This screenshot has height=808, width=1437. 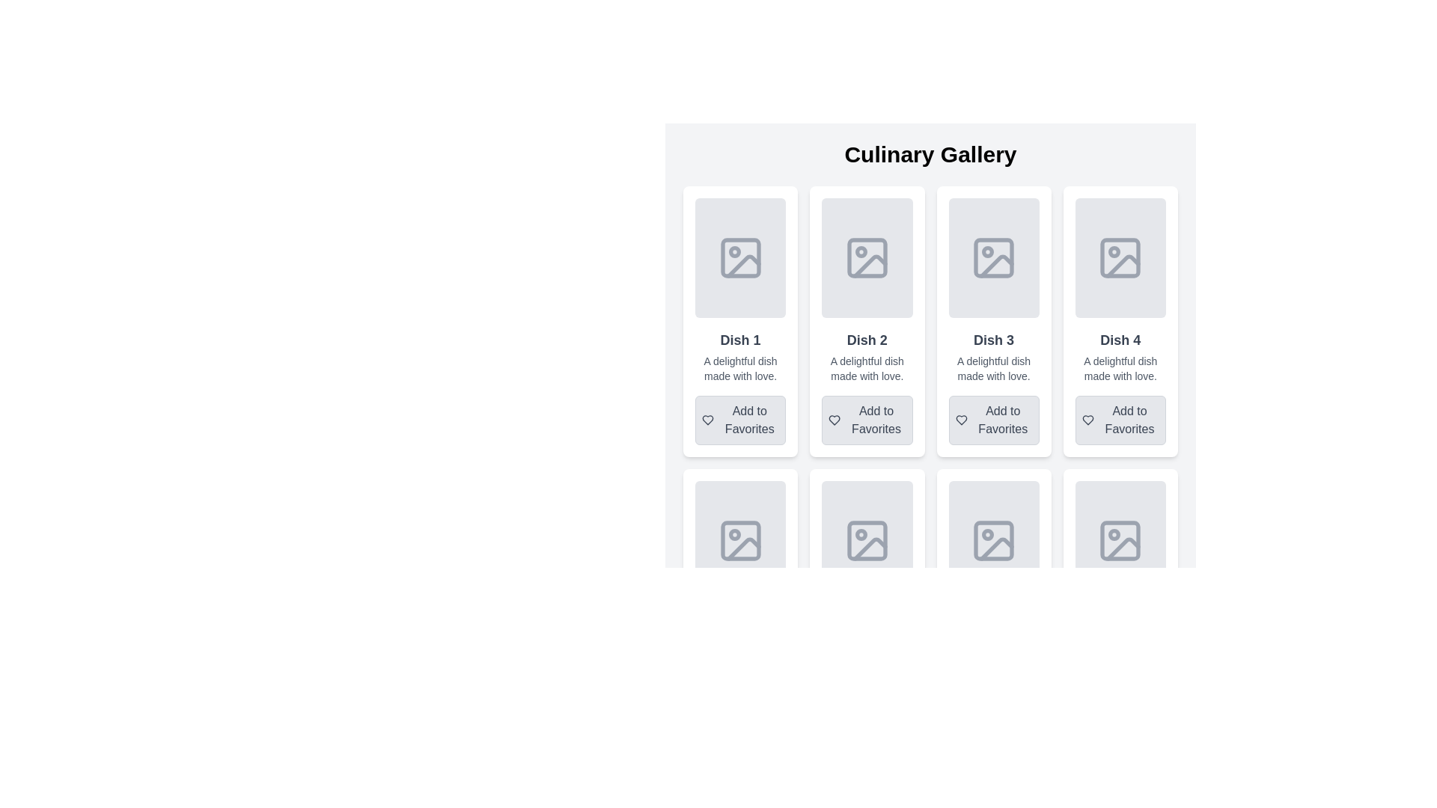 What do you see at coordinates (1120, 257) in the screenshot?
I see `the graphical placeholder icon located in the upper central portion of the 'Dish 4' card` at bounding box center [1120, 257].